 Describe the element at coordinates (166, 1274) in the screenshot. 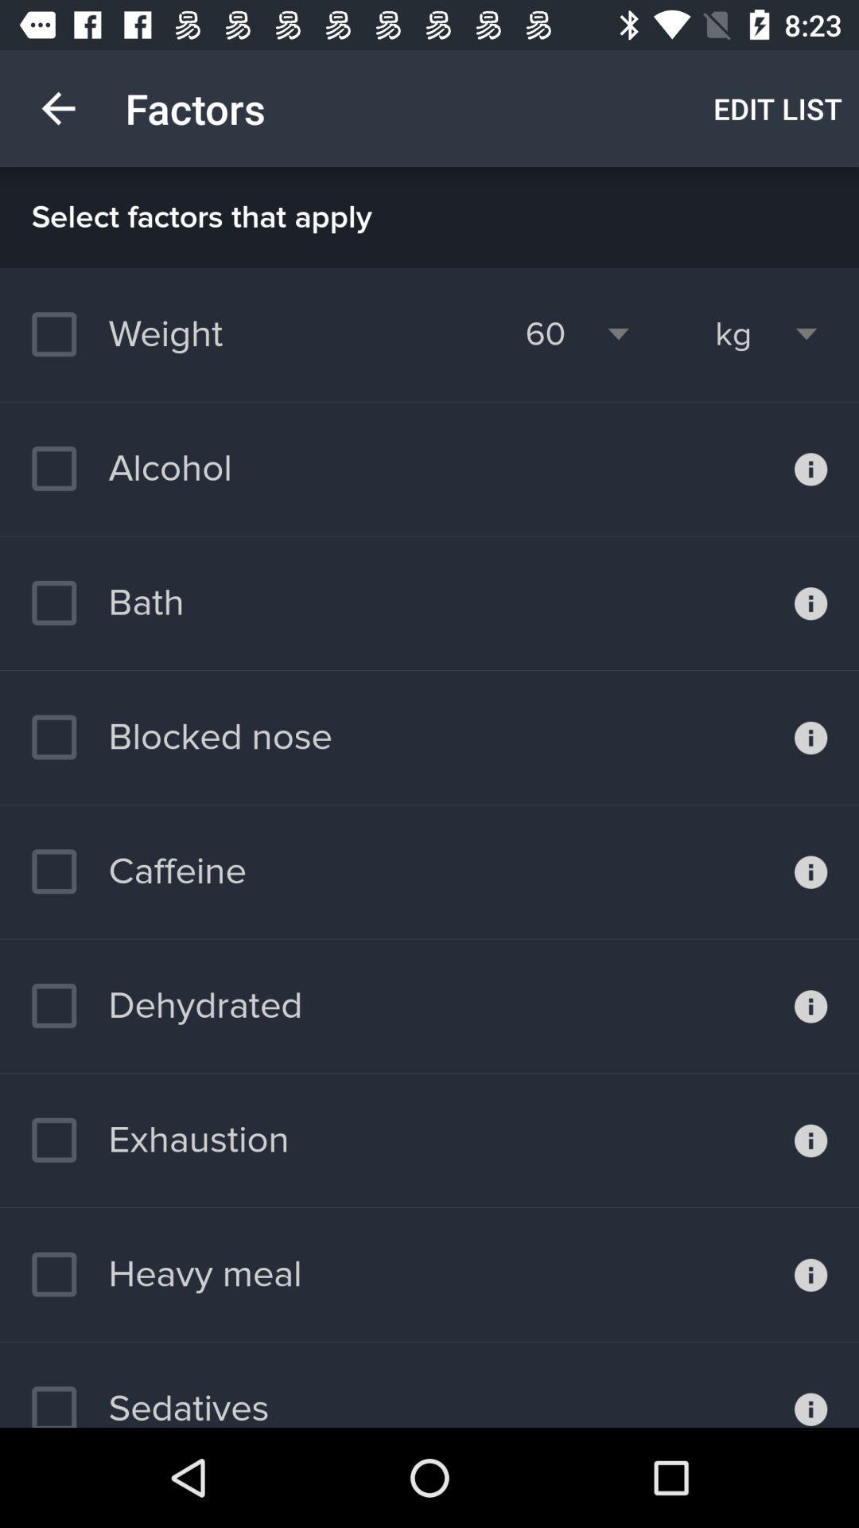

I see `heavy meal icon` at that location.